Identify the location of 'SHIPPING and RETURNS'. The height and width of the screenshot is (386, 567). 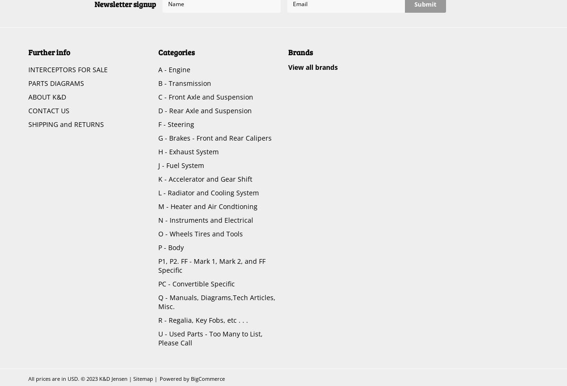
(66, 124).